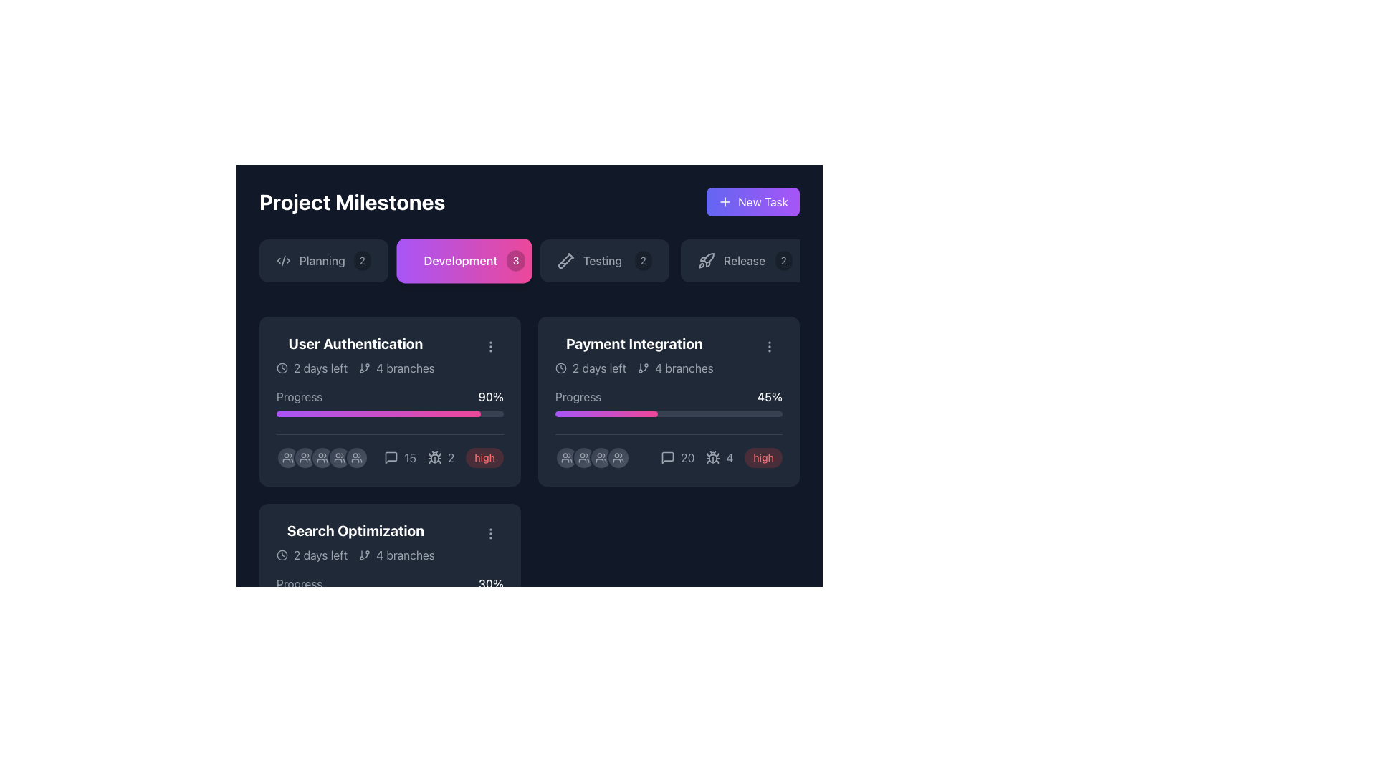  Describe the element at coordinates (390, 414) in the screenshot. I see `the horizontal progress bar with a gradient fill located below the 'Progress' text and '90%' percentage description` at that location.